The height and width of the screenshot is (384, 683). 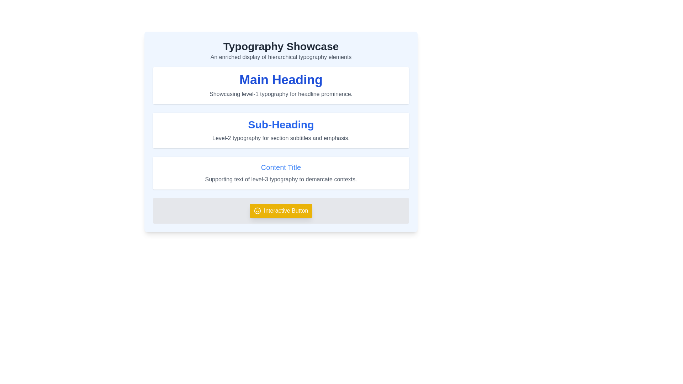 What do you see at coordinates (281, 210) in the screenshot?
I see `the 'Interactive Button' which has a yellow background, white text, rounded shape, and a smiley face icon on the left side, located under the 'Content Title' section` at bounding box center [281, 210].